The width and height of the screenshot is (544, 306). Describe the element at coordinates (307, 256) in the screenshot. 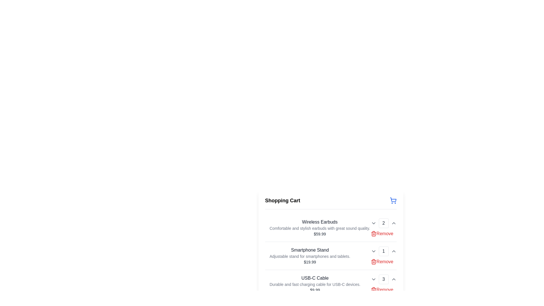

I see `the text block labeled 'Smartphone Stand' which includes the description 'Adjustable stand for smartphones and tablets.' and the price '$19.99'` at that location.